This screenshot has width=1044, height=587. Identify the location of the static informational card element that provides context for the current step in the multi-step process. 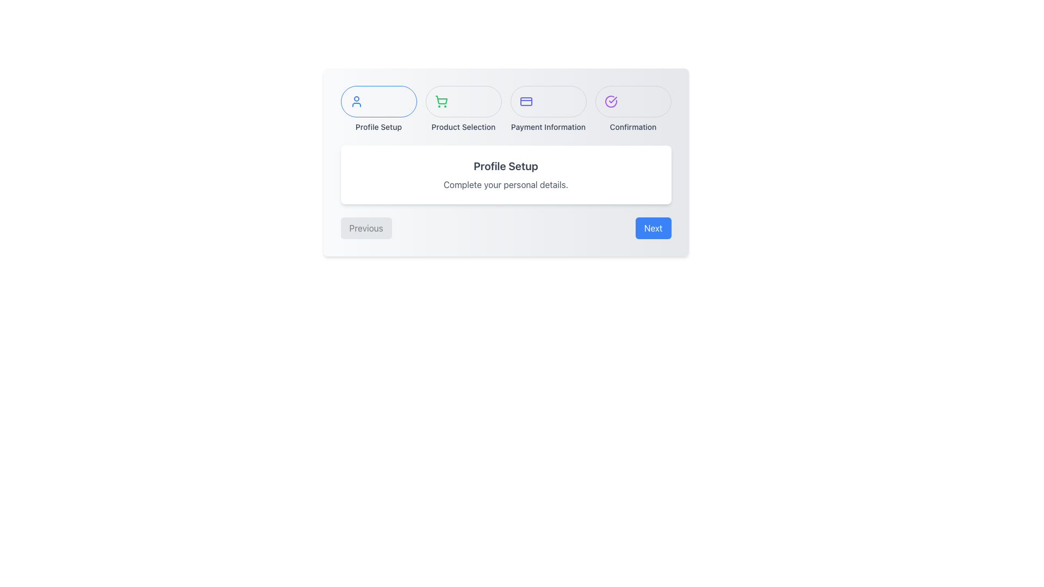
(505, 174).